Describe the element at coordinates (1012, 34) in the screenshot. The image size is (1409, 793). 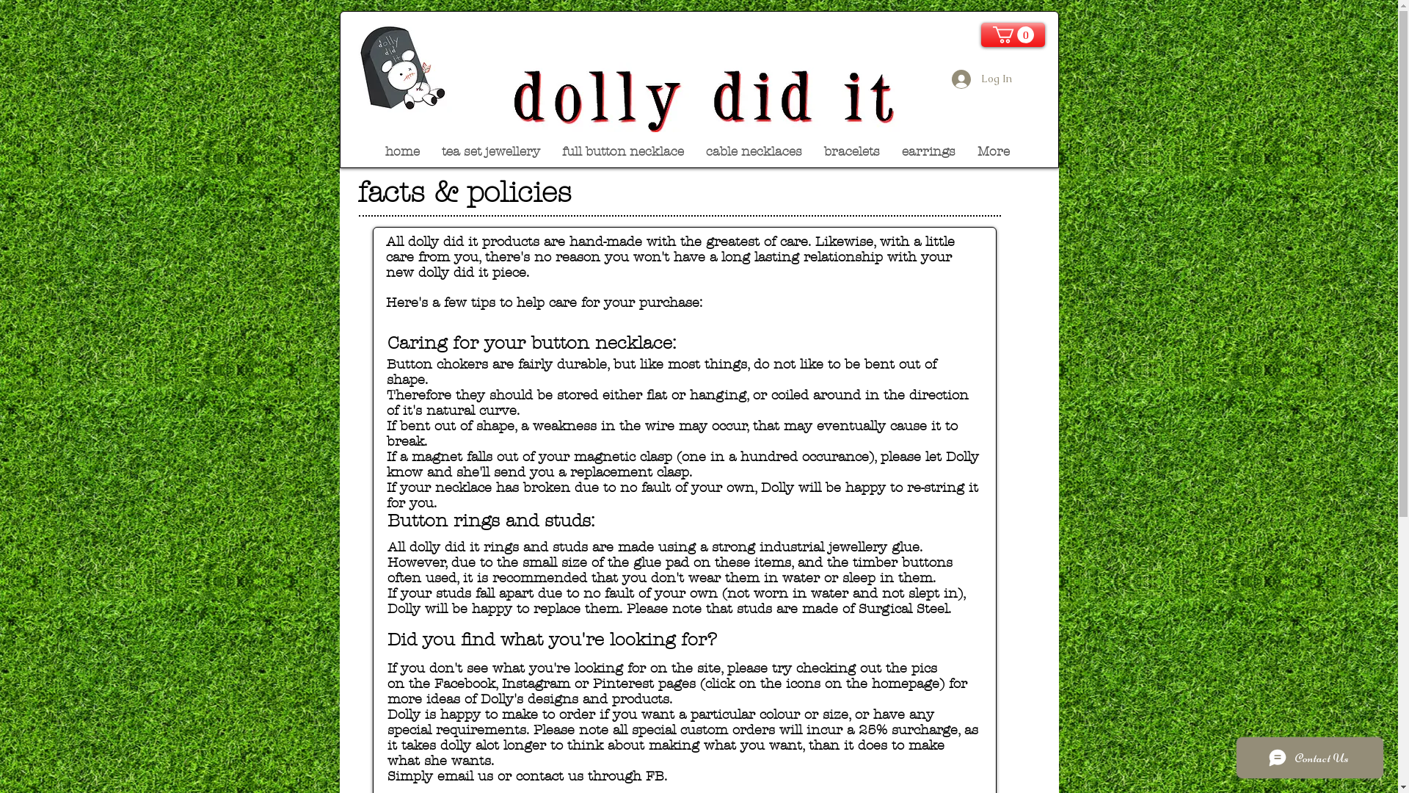
I see `'0'` at that location.